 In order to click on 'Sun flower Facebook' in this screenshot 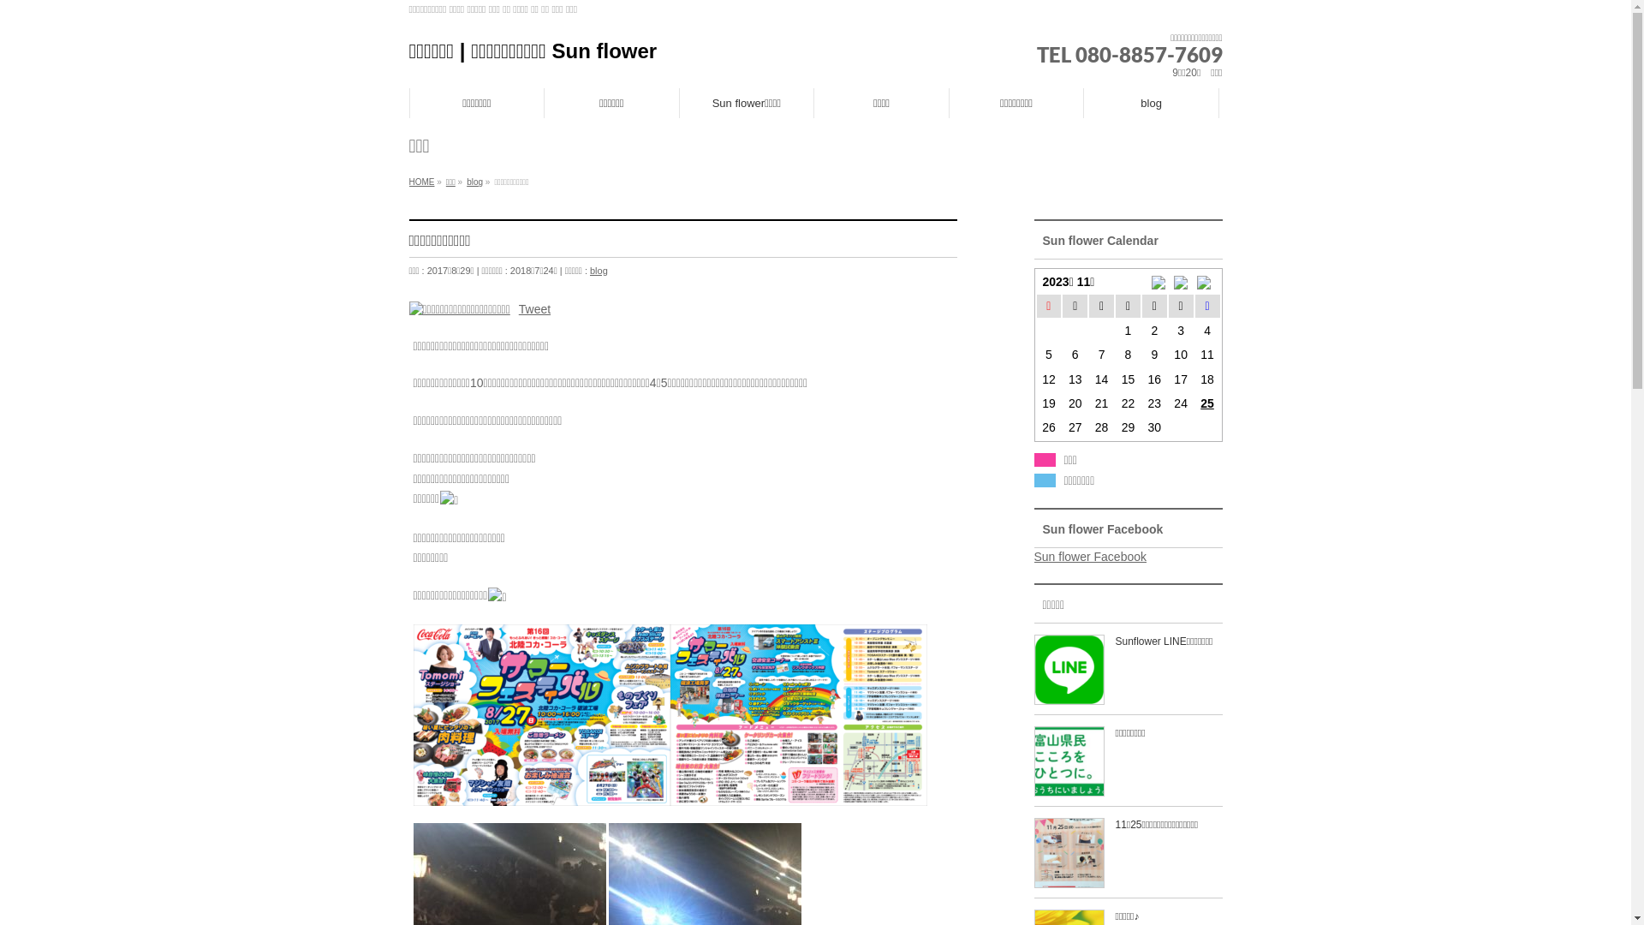, I will do `click(1103, 528)`.